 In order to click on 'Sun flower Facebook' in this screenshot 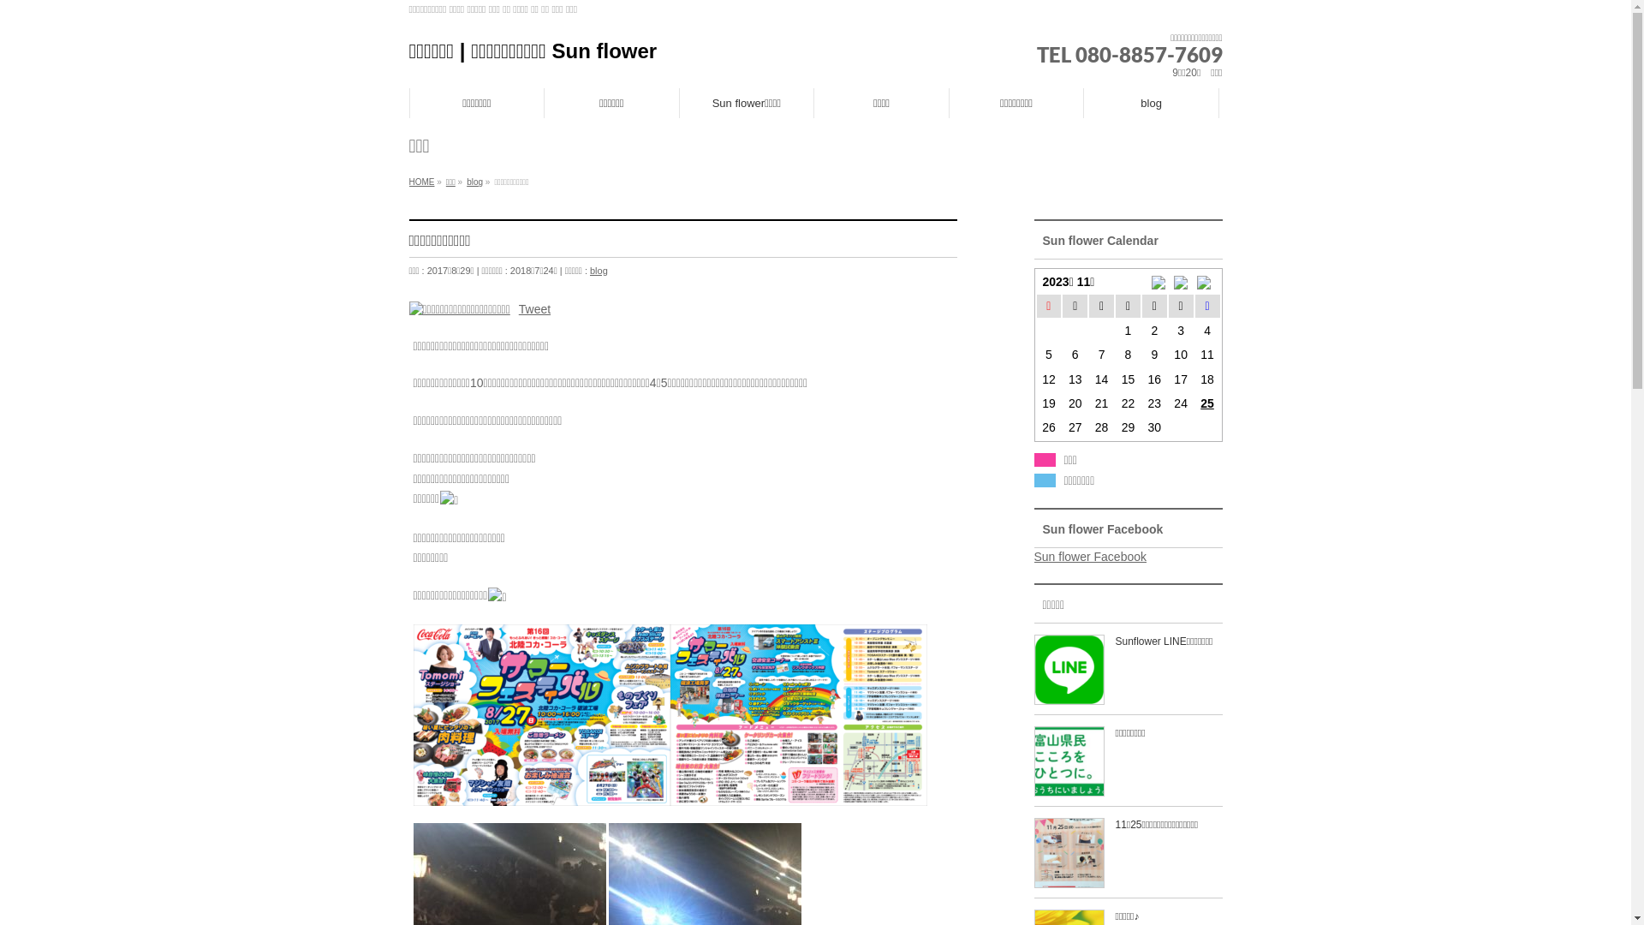, I will do `click(1103, 528)`.